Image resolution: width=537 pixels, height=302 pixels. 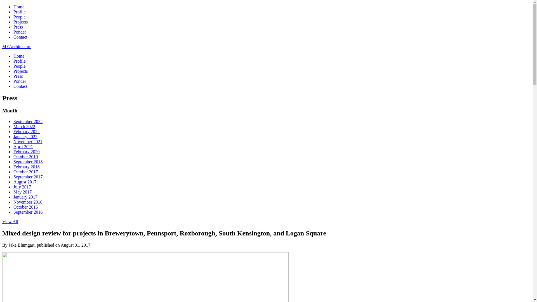 What do you see at coordinates (18, 27) in the screenshot?
I see `'Press'` at bounding box center [18, 27].